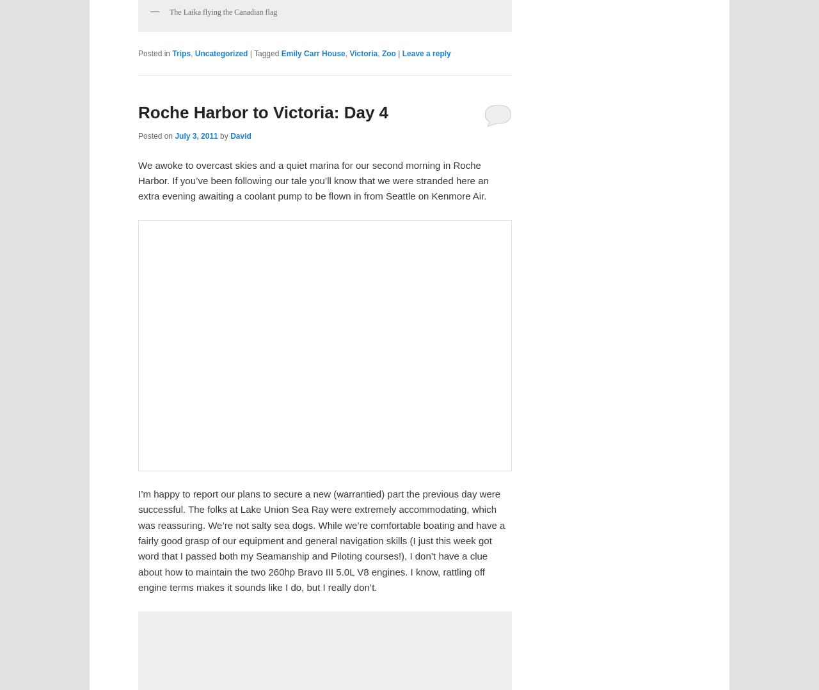 This screenshot has height=690, width=819. I want to click on 'Zoo', so click(387, 52).